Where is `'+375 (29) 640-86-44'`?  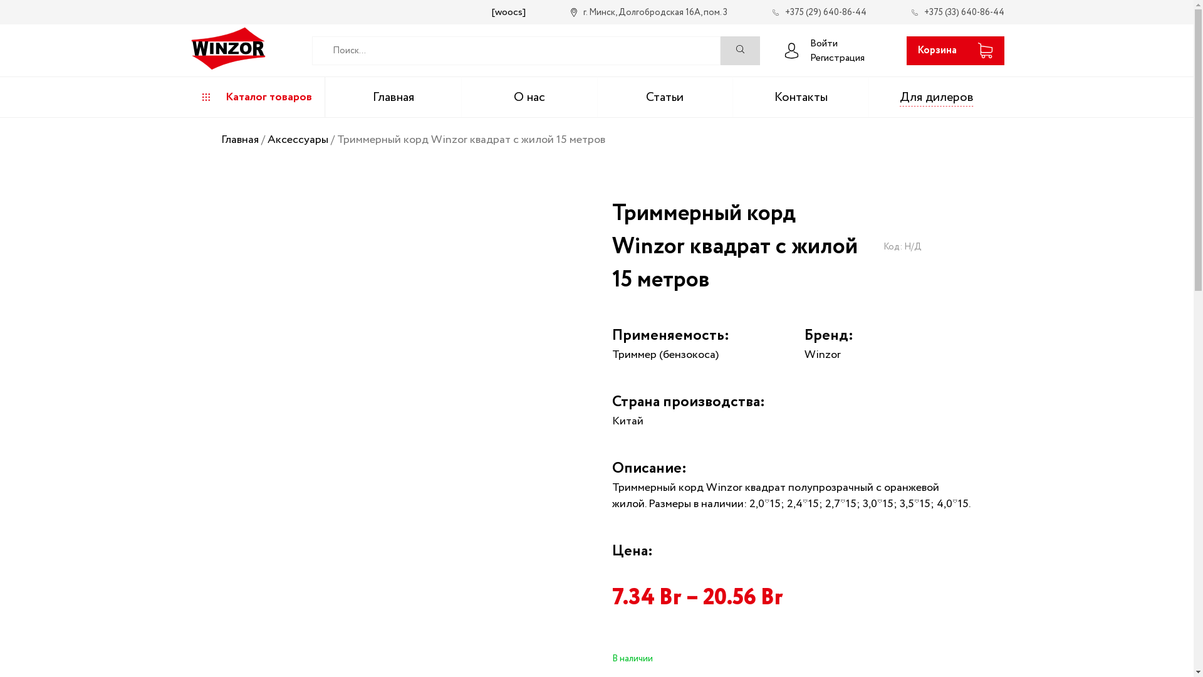
'+375 (29) 640-86-44' is located at coordinates (818, 12).